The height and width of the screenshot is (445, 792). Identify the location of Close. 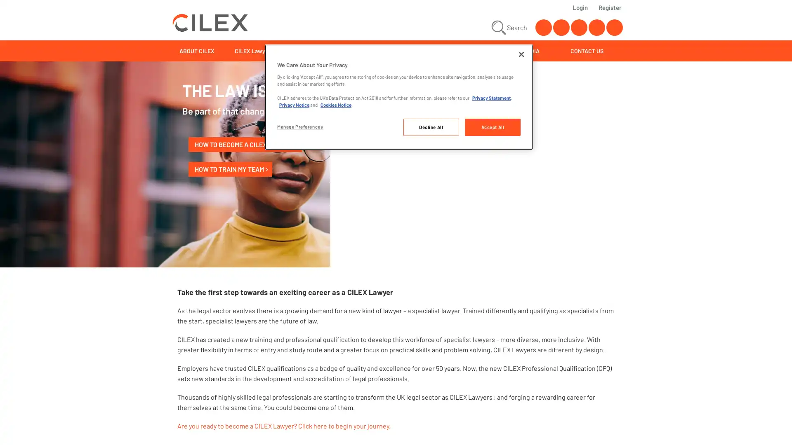
(521, 54).